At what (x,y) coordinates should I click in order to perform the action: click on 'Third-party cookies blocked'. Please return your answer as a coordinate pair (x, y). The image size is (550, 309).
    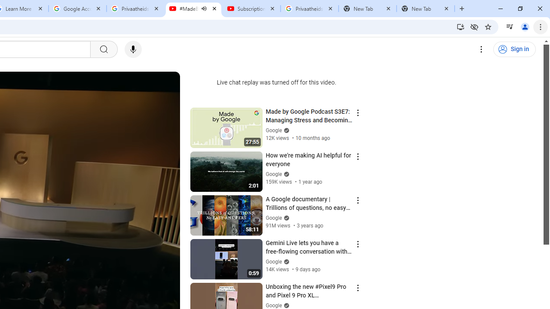
    Looking at the image, I should click on (474, 26).